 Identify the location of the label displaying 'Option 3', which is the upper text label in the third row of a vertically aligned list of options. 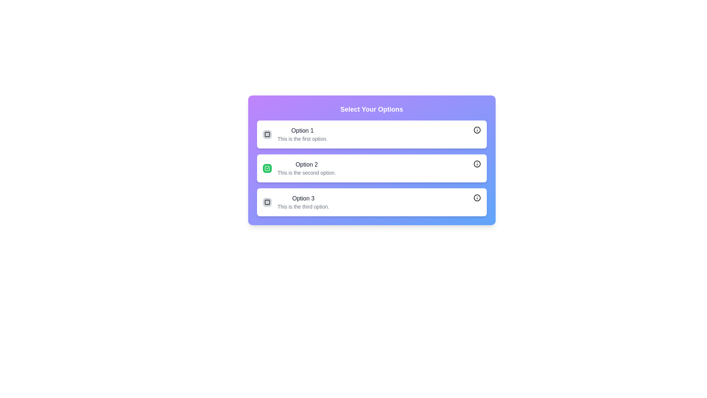
(303, 198).